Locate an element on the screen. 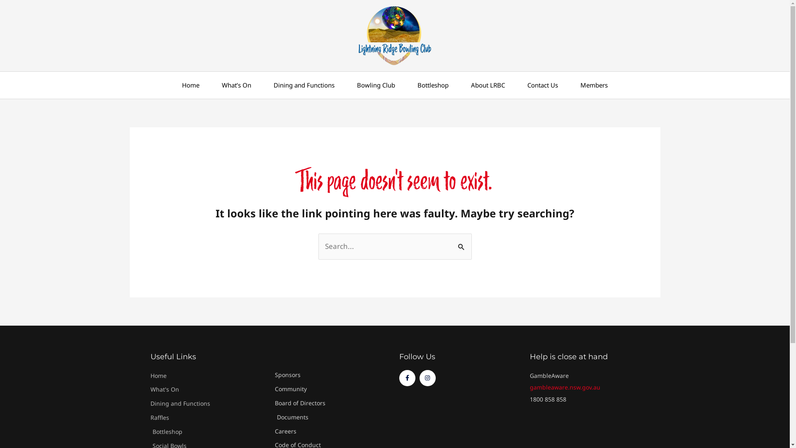 This screenshot has width=796, height=448. 'Facebook-f' is located at coordinates (398, 378).